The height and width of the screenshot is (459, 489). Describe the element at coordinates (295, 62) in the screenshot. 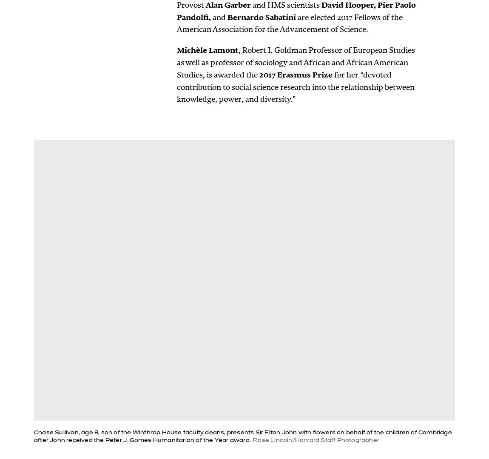

I see `', Robert I. Goldman Professor of European Studies as well as professor of sociology and African and African American Studies, is awarded the'` at that location.